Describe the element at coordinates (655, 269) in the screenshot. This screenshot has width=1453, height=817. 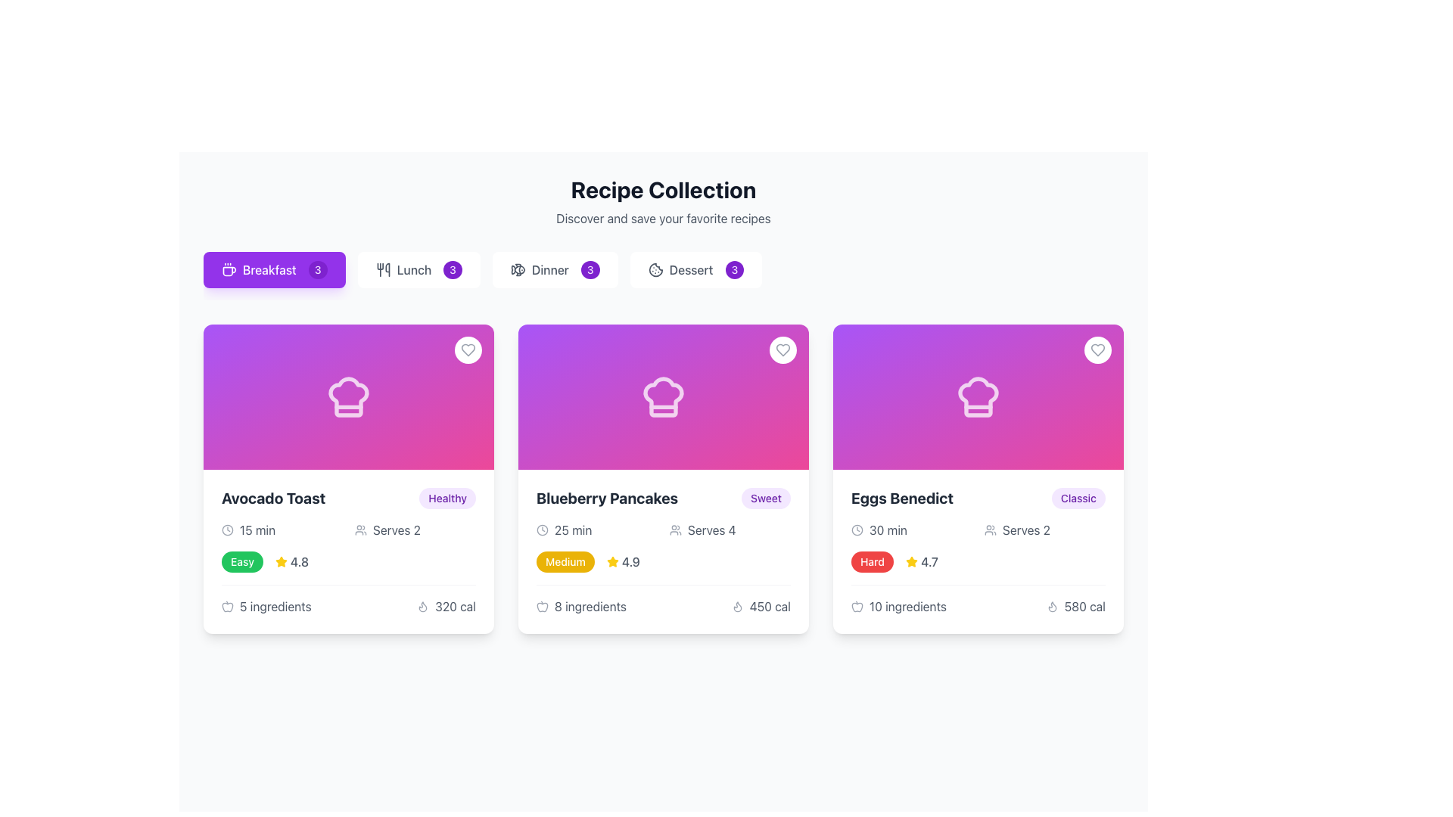
I see `the cookie-shaped icon styled as a line art graphic located within the 'Dessert' button in the navigation bar, positioned to the left of the label 'Dessert'` at that location.